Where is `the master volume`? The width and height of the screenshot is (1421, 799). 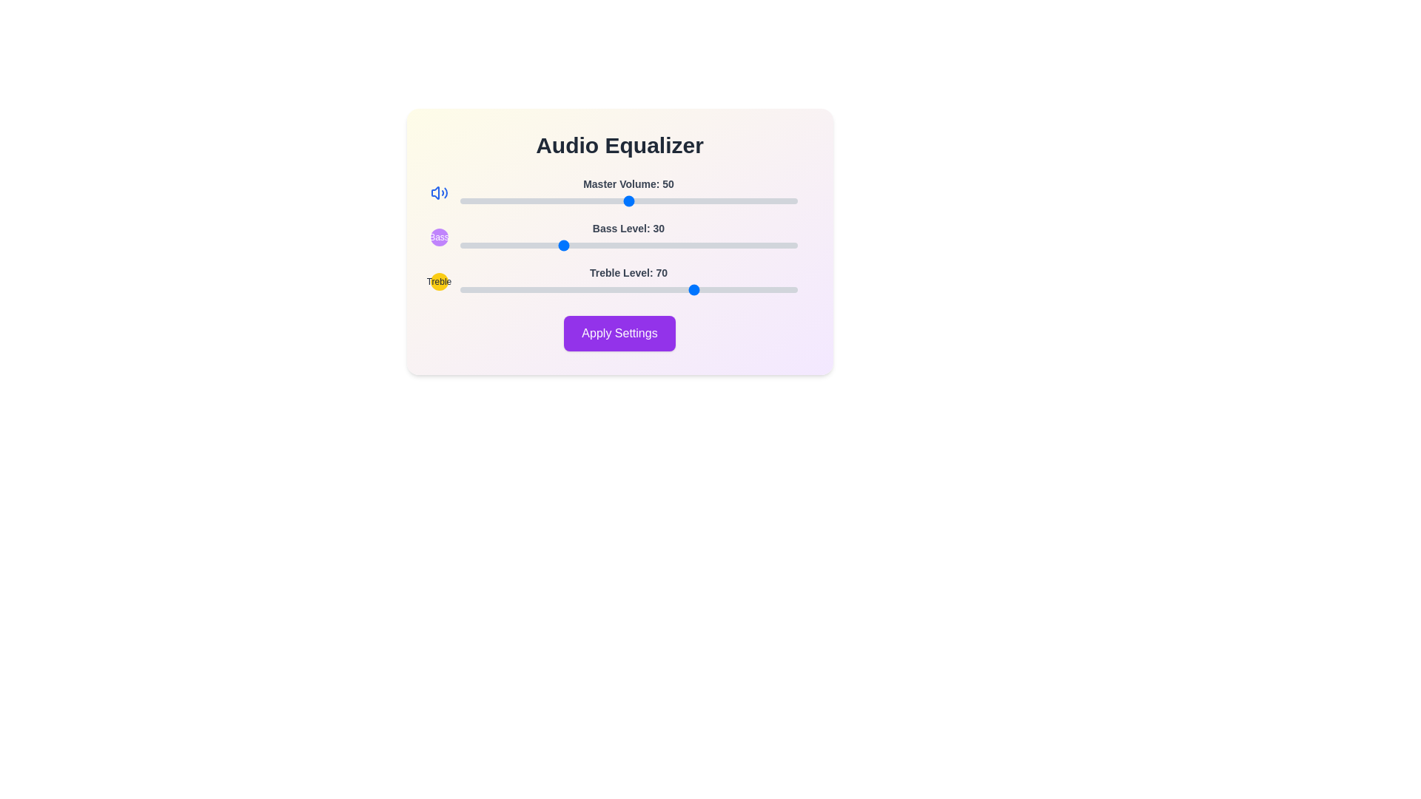 the master volume is located at coordinates (500, 201).